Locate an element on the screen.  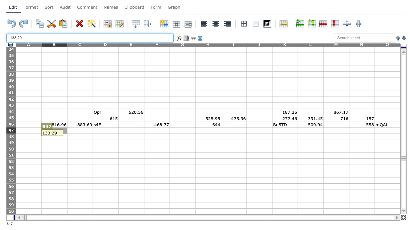
bottom right corner of D59 is located at coordinates (119, 208).